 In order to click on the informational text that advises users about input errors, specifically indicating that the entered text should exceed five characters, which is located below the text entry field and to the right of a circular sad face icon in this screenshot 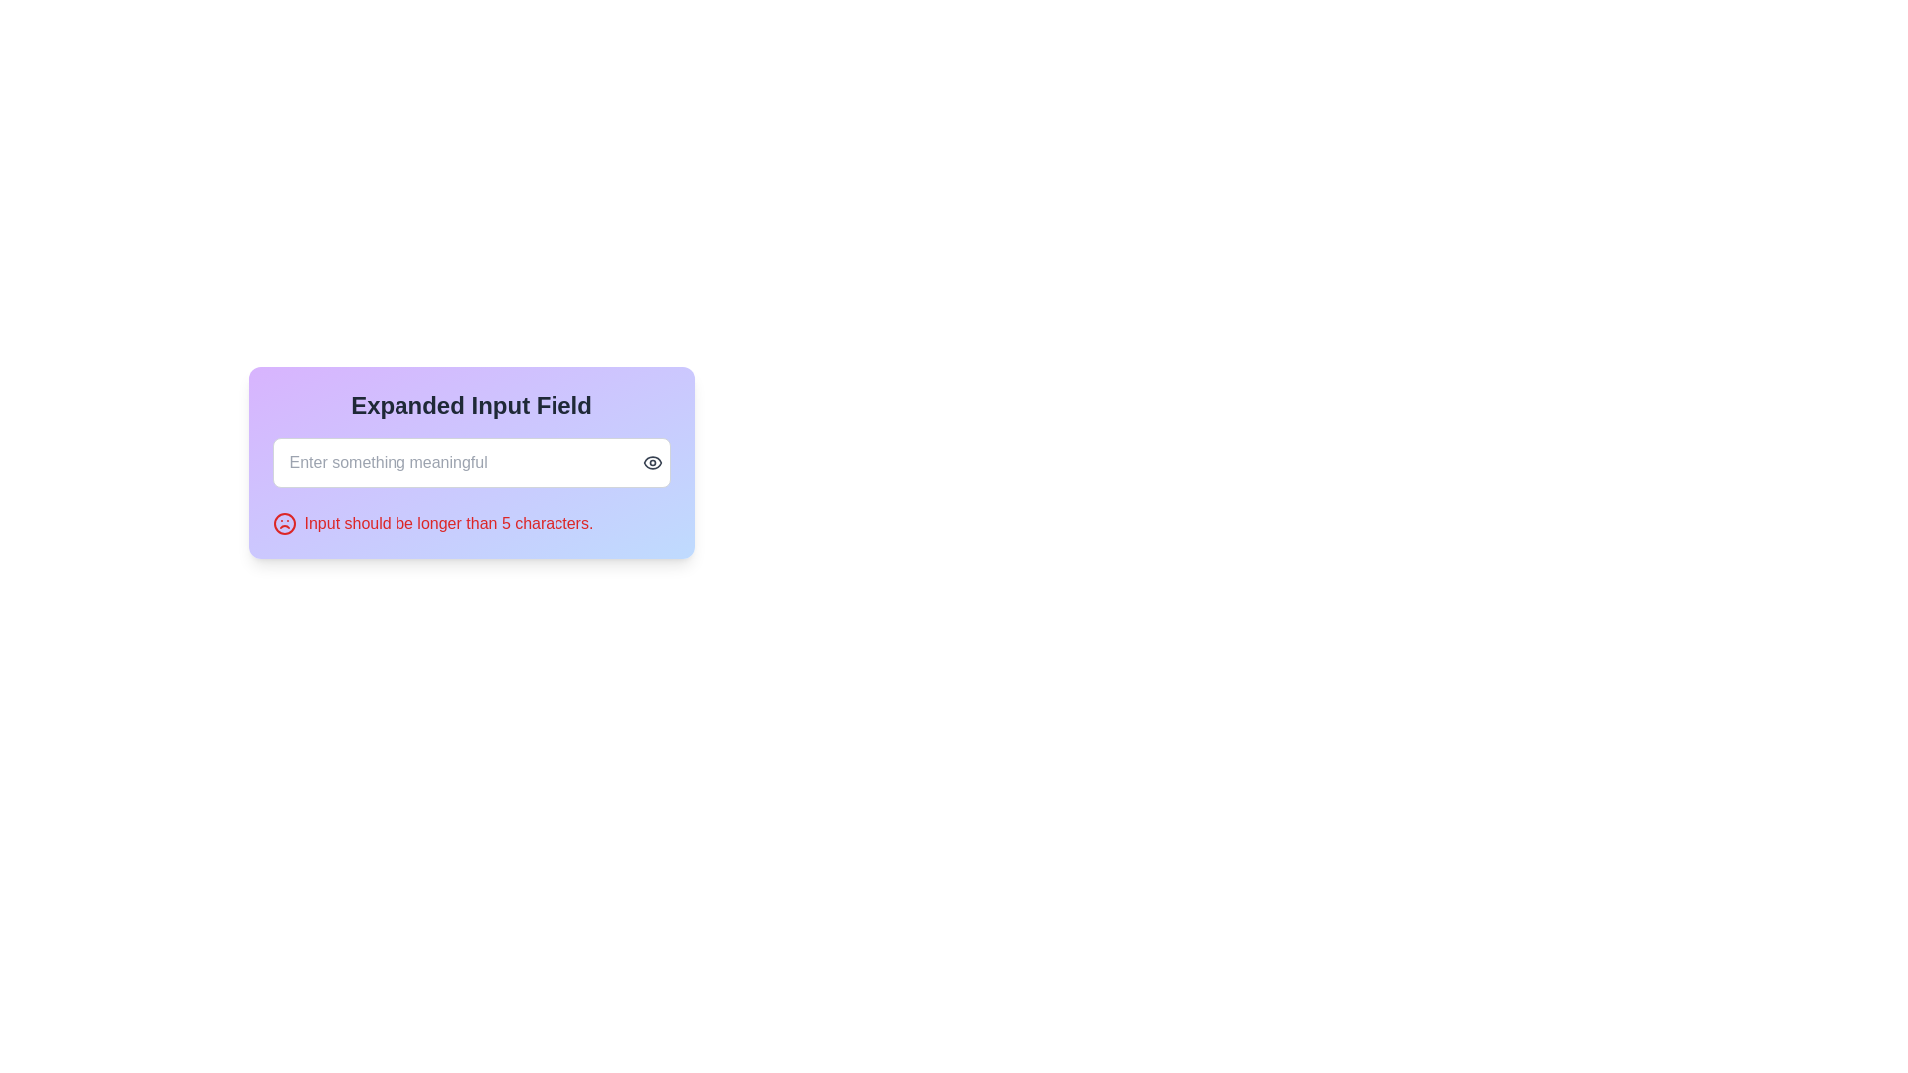, I will do `click(447, 523)`.